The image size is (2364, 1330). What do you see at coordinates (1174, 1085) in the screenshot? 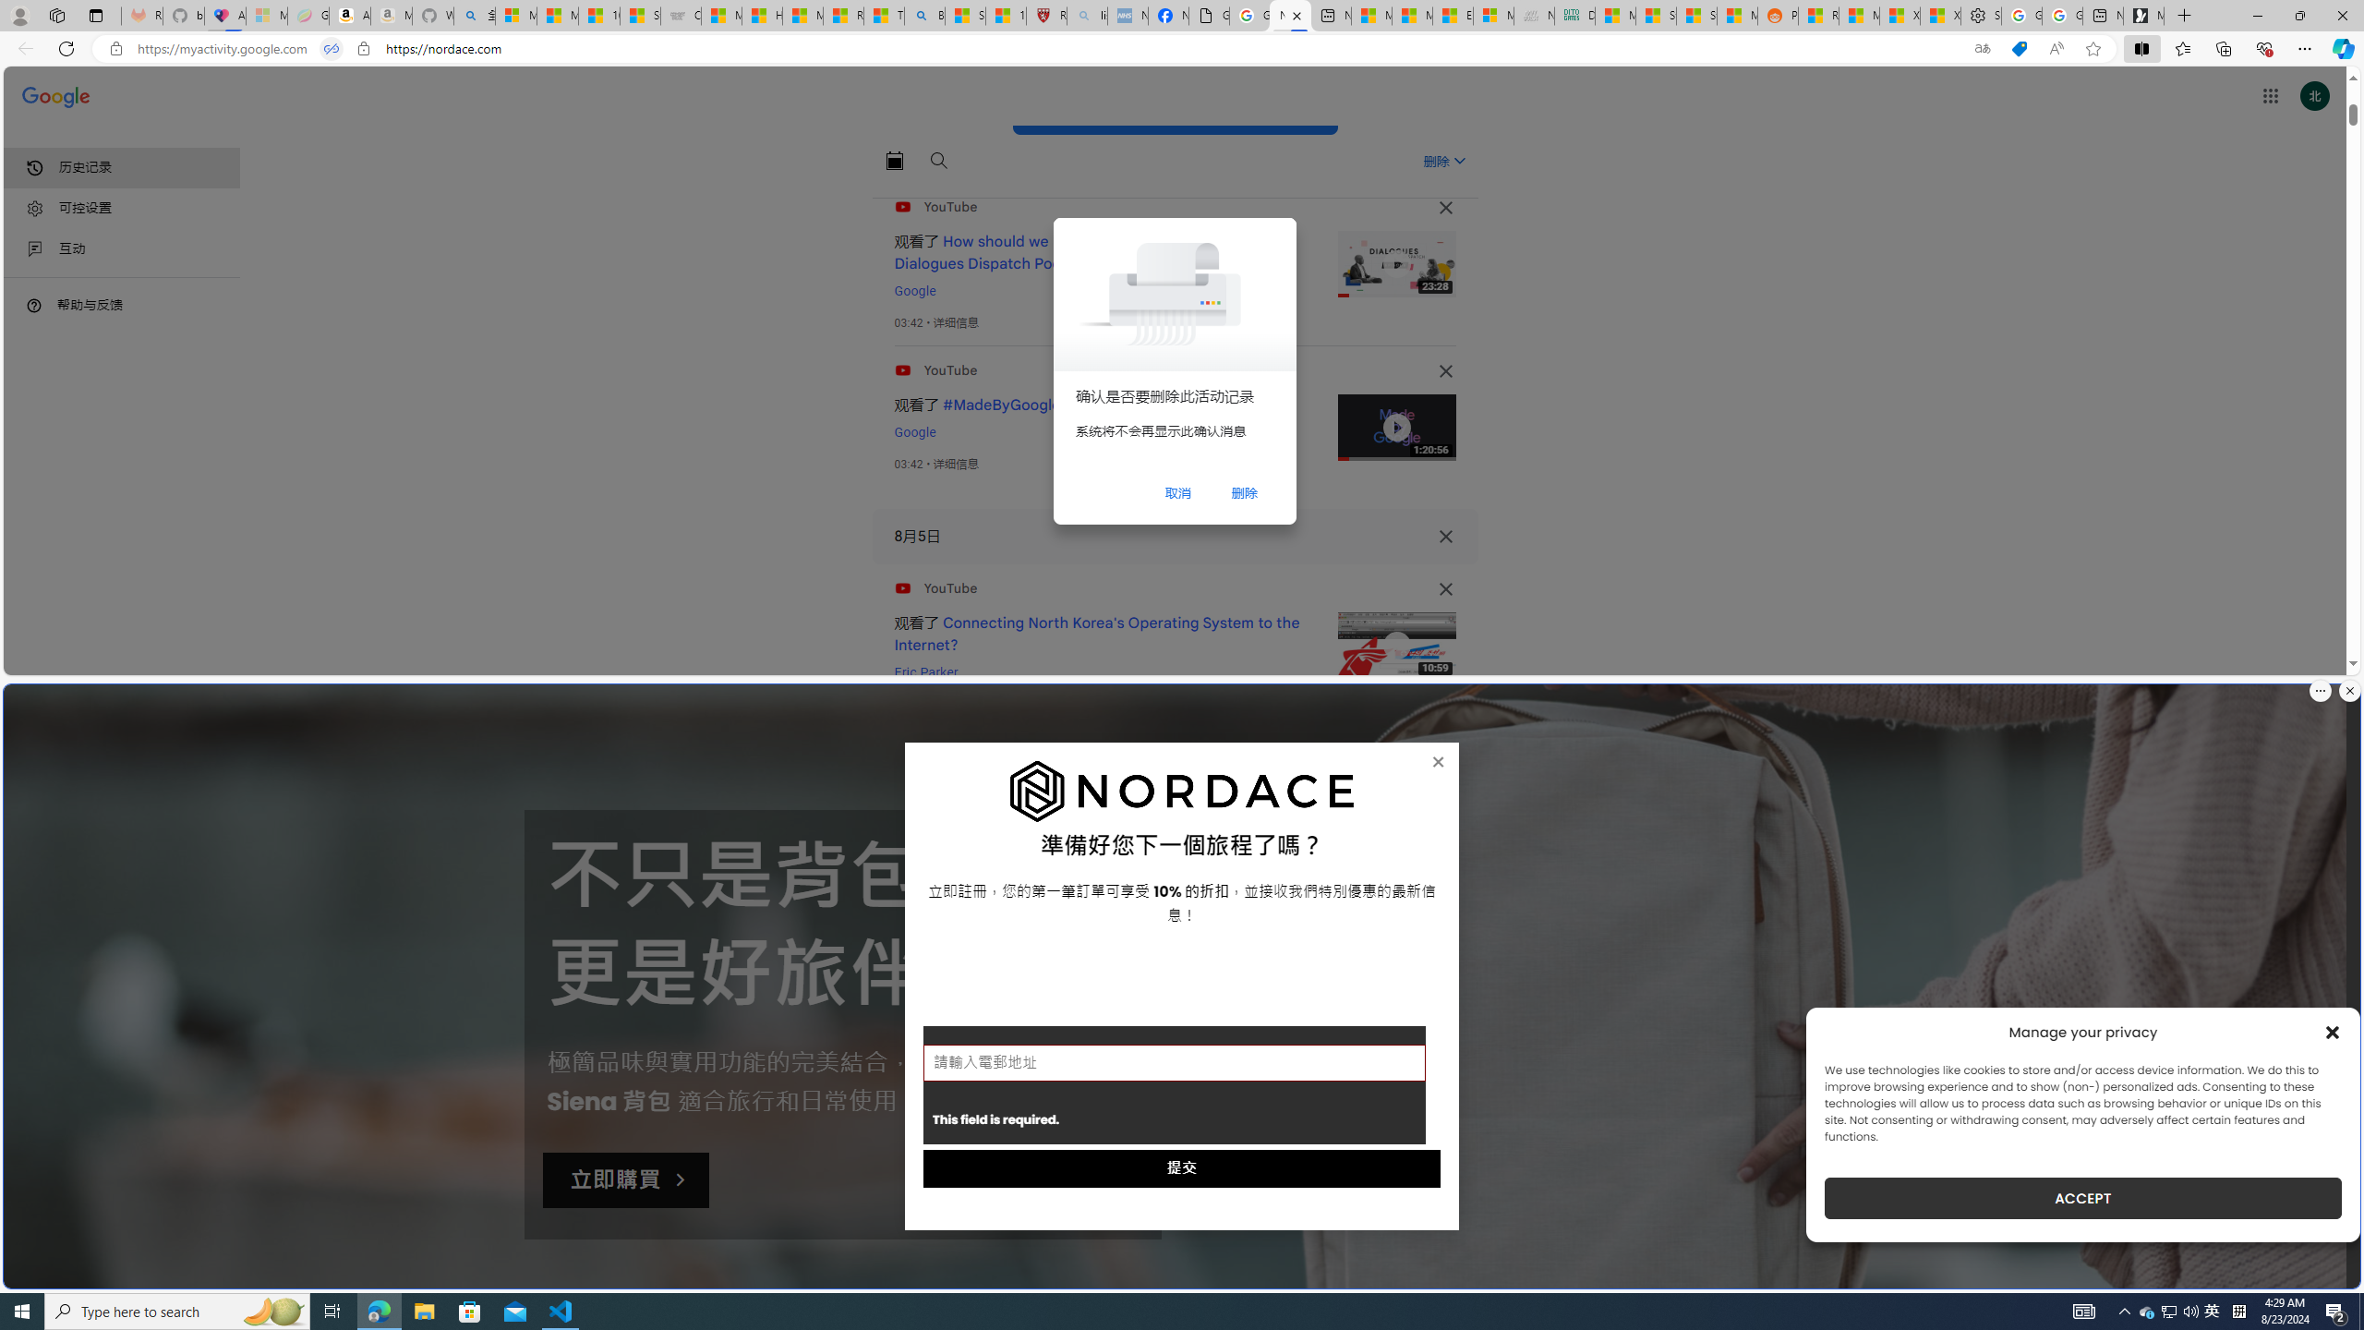
I see `'This field is required.'` at bounding box center [1174, 1085].